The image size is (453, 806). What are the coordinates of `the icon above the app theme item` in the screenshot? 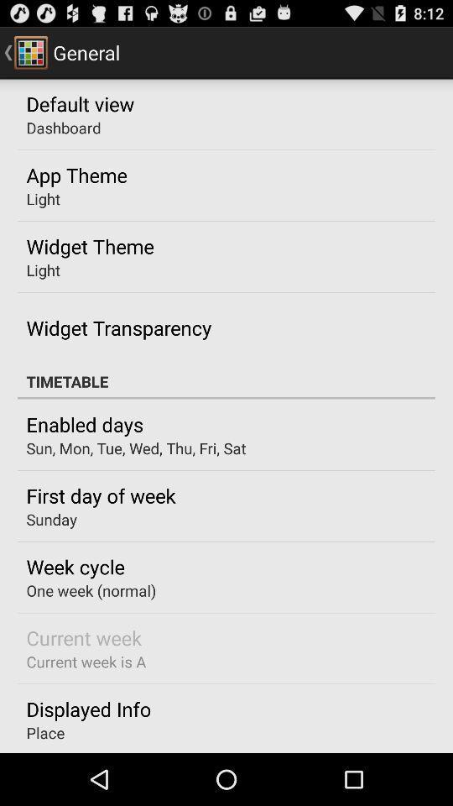 It's located at (63, 127).